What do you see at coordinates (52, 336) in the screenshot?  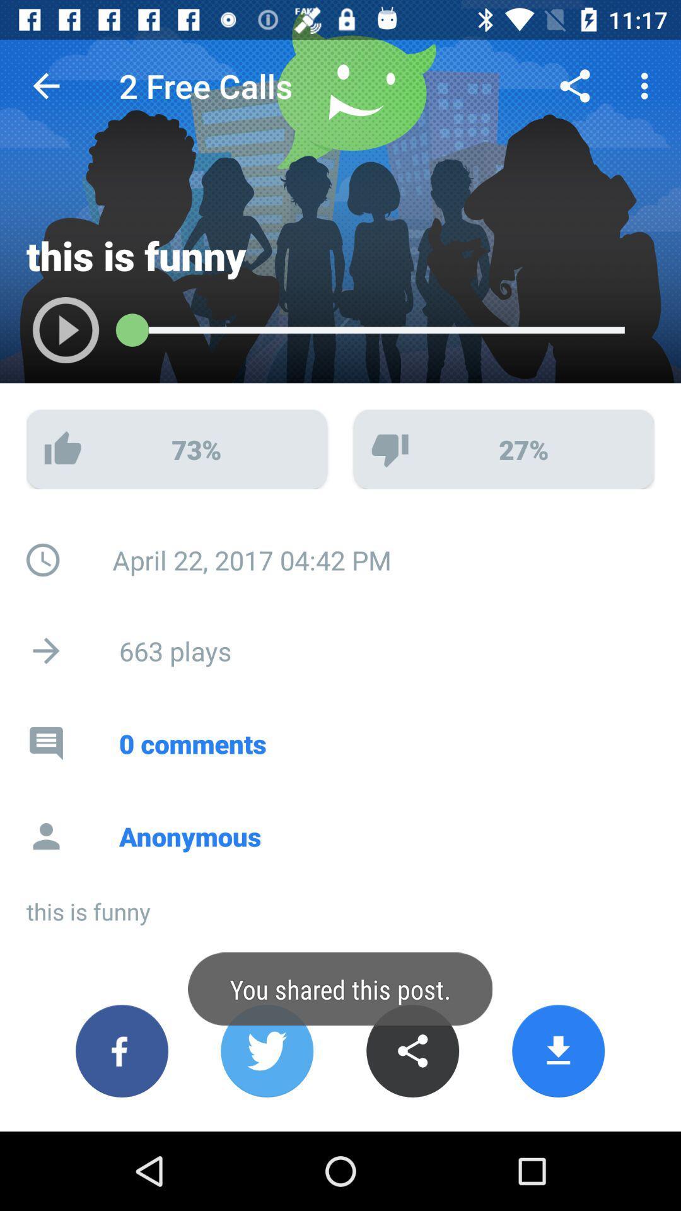 I see `song` at bounding box center [52, 336].